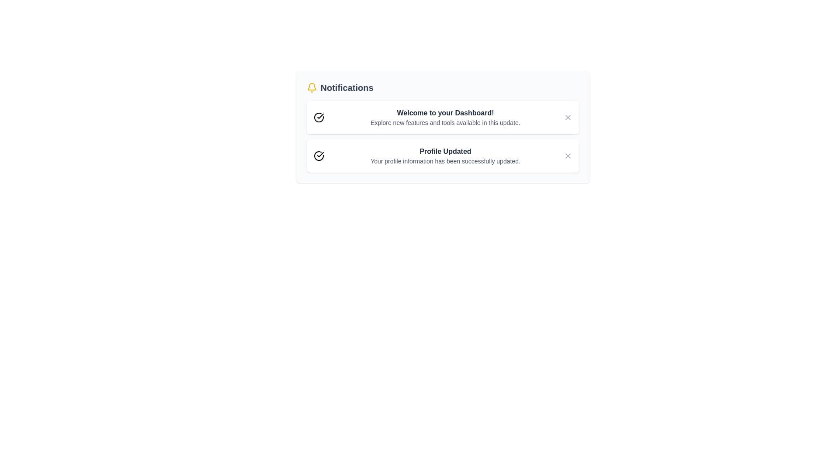 The height and width of the screenshot is (472, 839). I want to click on the notification icon to toggle the notification panel, so click(312, 87).